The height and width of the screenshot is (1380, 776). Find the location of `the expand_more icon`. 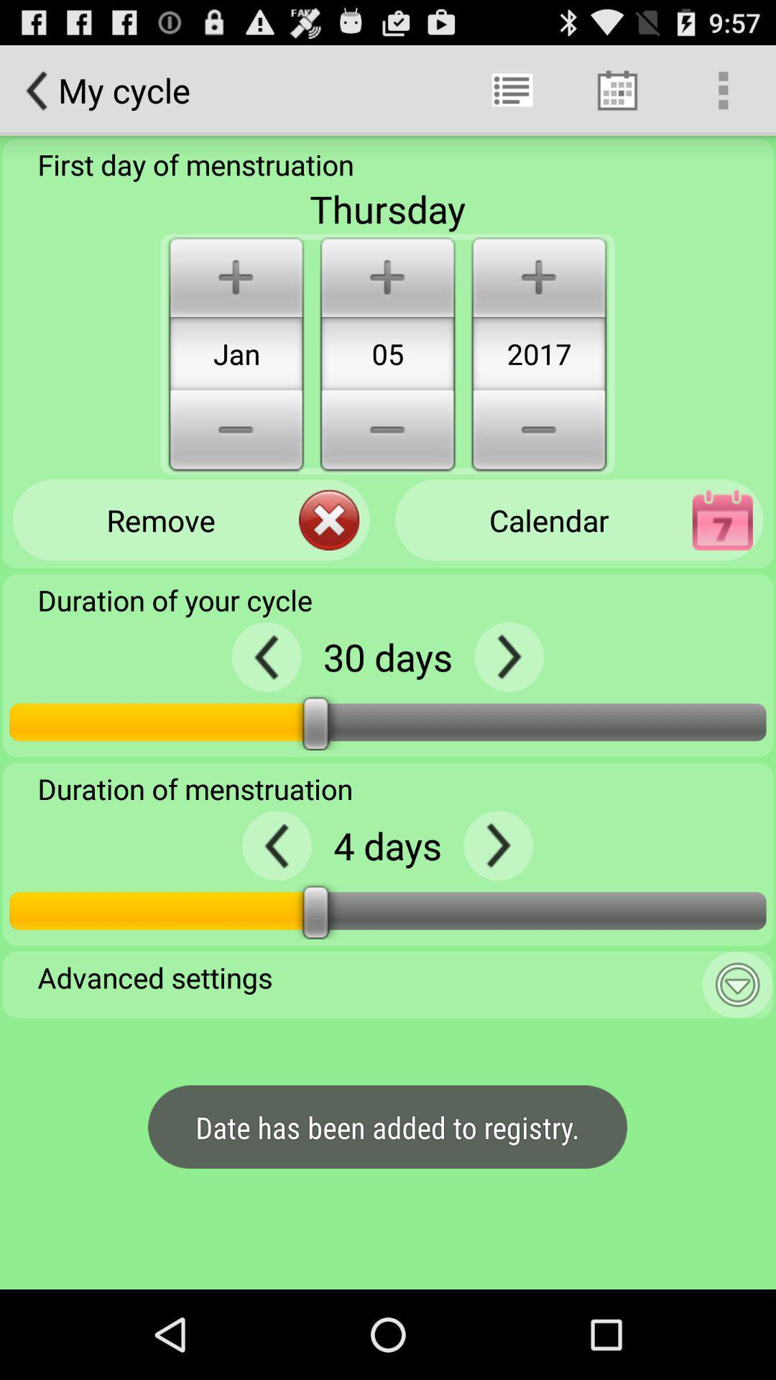

the expand_more icon is located at coordinates (737, 1054).